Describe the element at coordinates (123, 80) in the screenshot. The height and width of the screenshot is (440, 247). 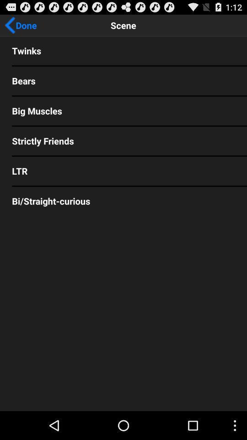
I see `bears item` at that location.